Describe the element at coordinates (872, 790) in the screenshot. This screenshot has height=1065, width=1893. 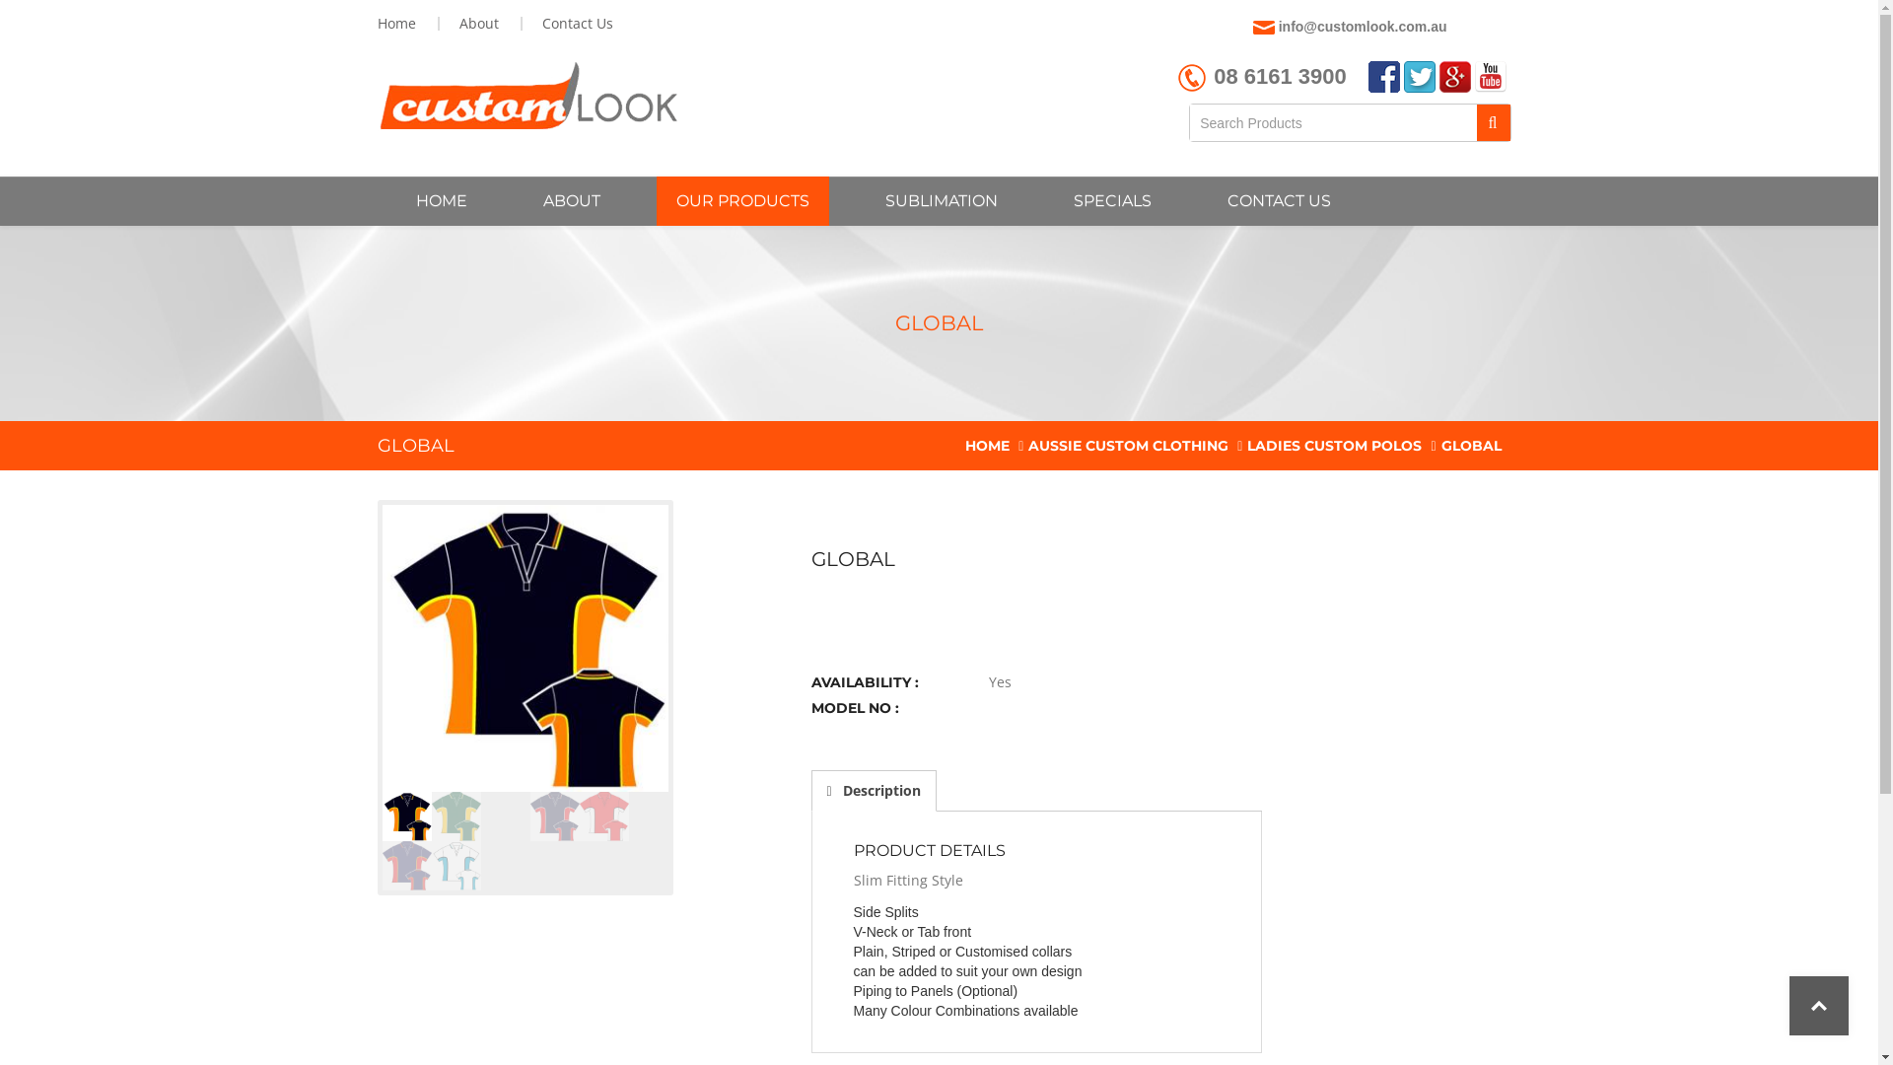
I see `'Description'` at that location.